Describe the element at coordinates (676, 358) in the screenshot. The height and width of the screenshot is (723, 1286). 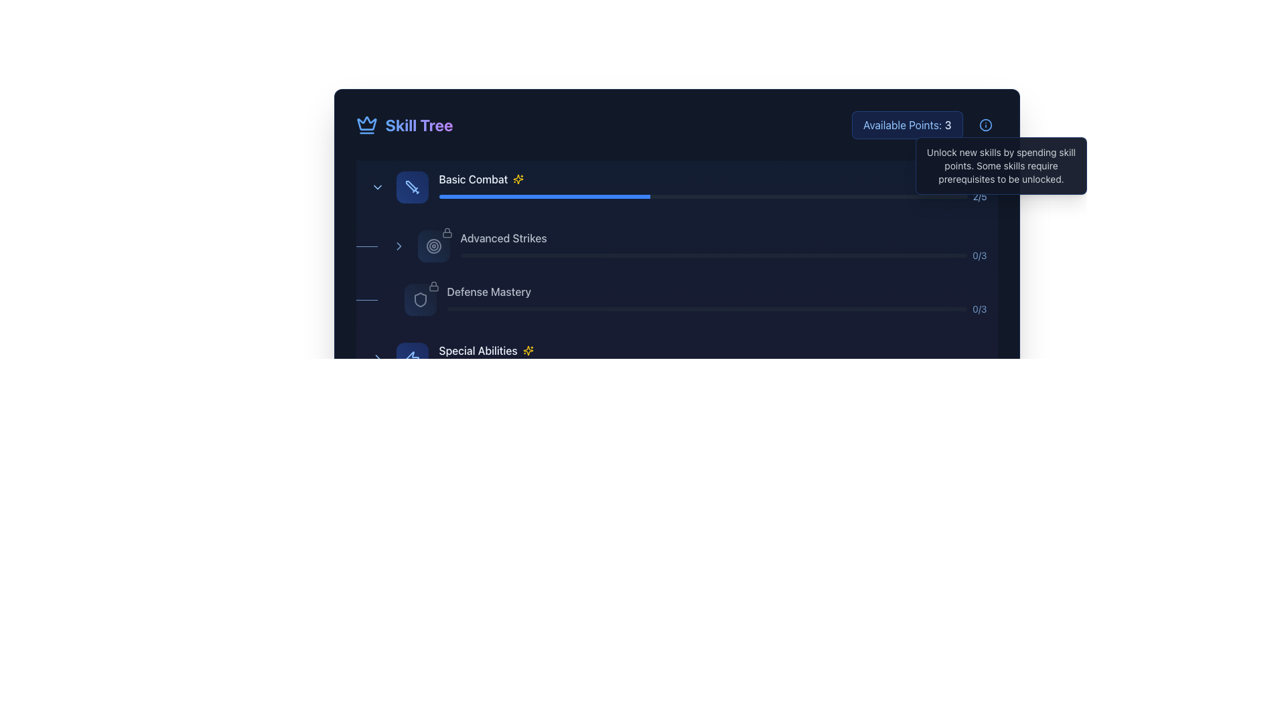
I see `the 'Special Abilities' Skill Progress Display` at that location.